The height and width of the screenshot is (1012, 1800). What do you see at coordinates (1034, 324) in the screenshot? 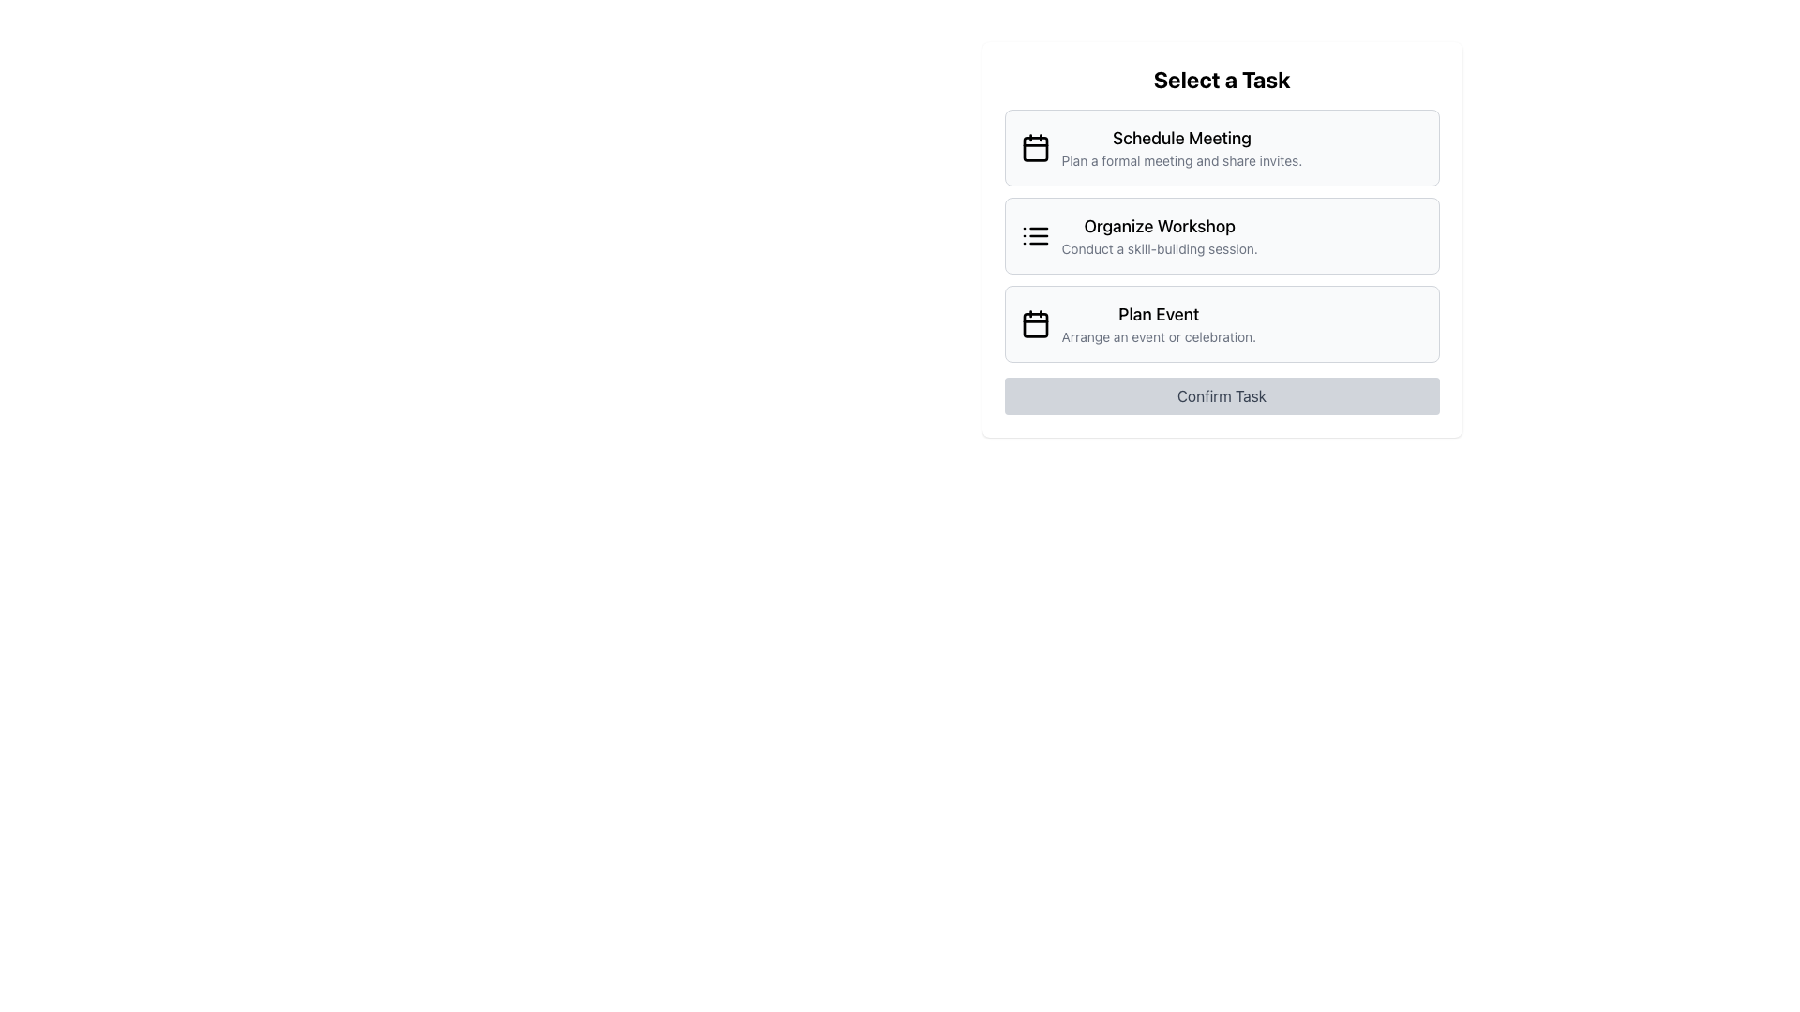
I see `the decorative graphical icon next to the 'Plan Event' label, which serves as a quick recognition cue for users` at bounding box center [1034, 324].